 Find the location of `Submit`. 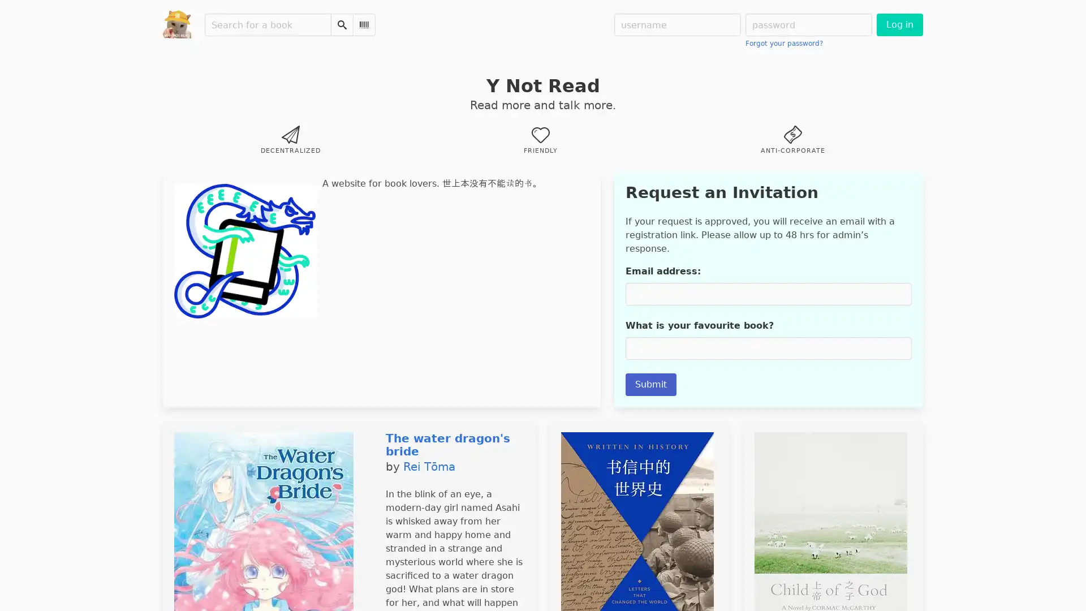

Submit is located at coordinates (650, 384).